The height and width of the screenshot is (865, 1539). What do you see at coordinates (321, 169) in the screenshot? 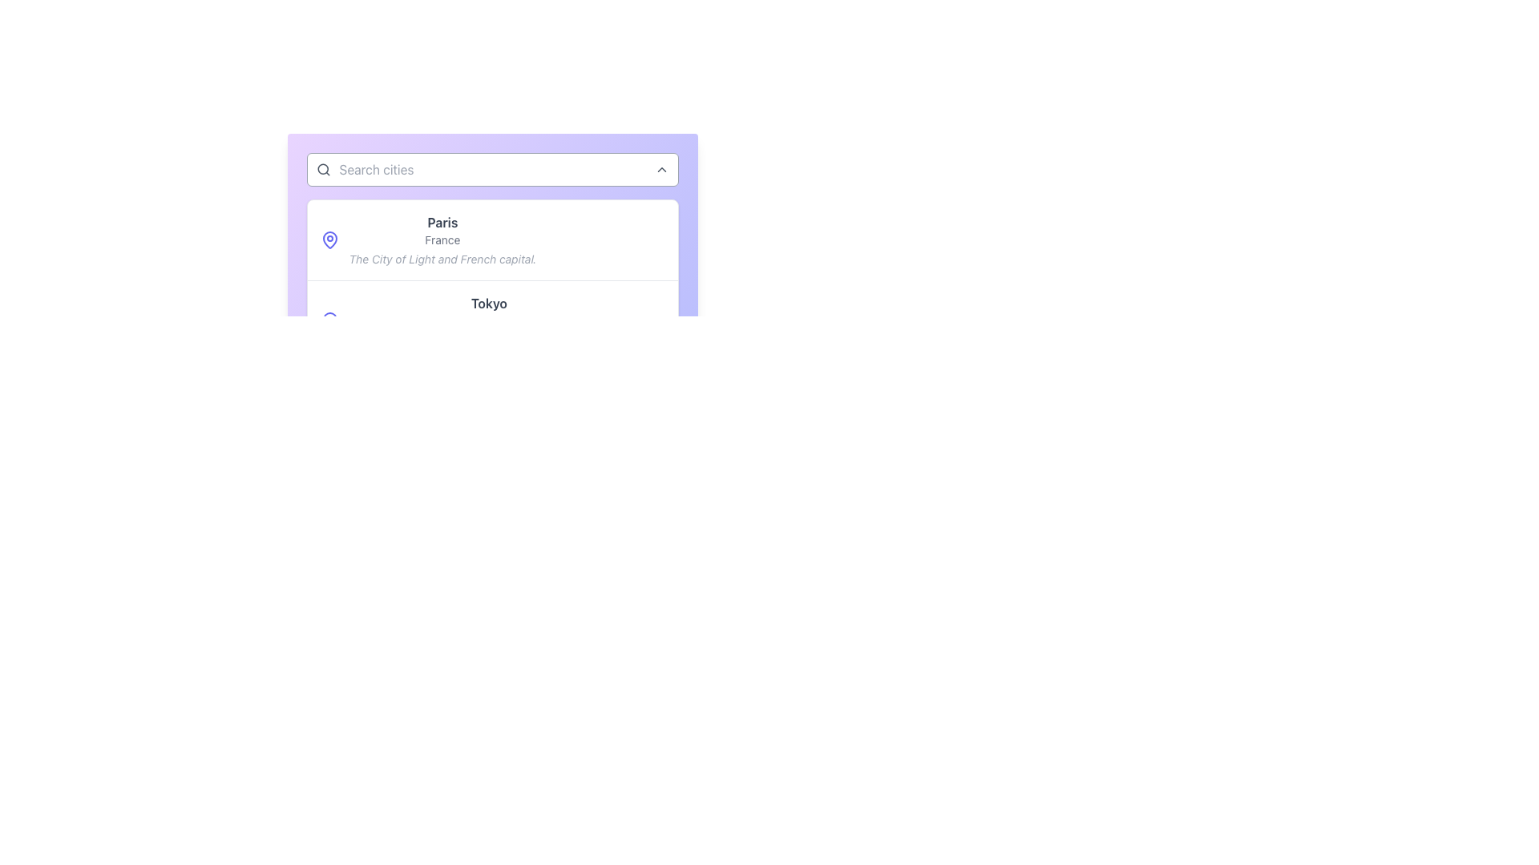
I see `the interactive SVG Circle representing the lens of the magnifying glass in the search icon located on the left side of the search input field` at bounding box center [321, 169].